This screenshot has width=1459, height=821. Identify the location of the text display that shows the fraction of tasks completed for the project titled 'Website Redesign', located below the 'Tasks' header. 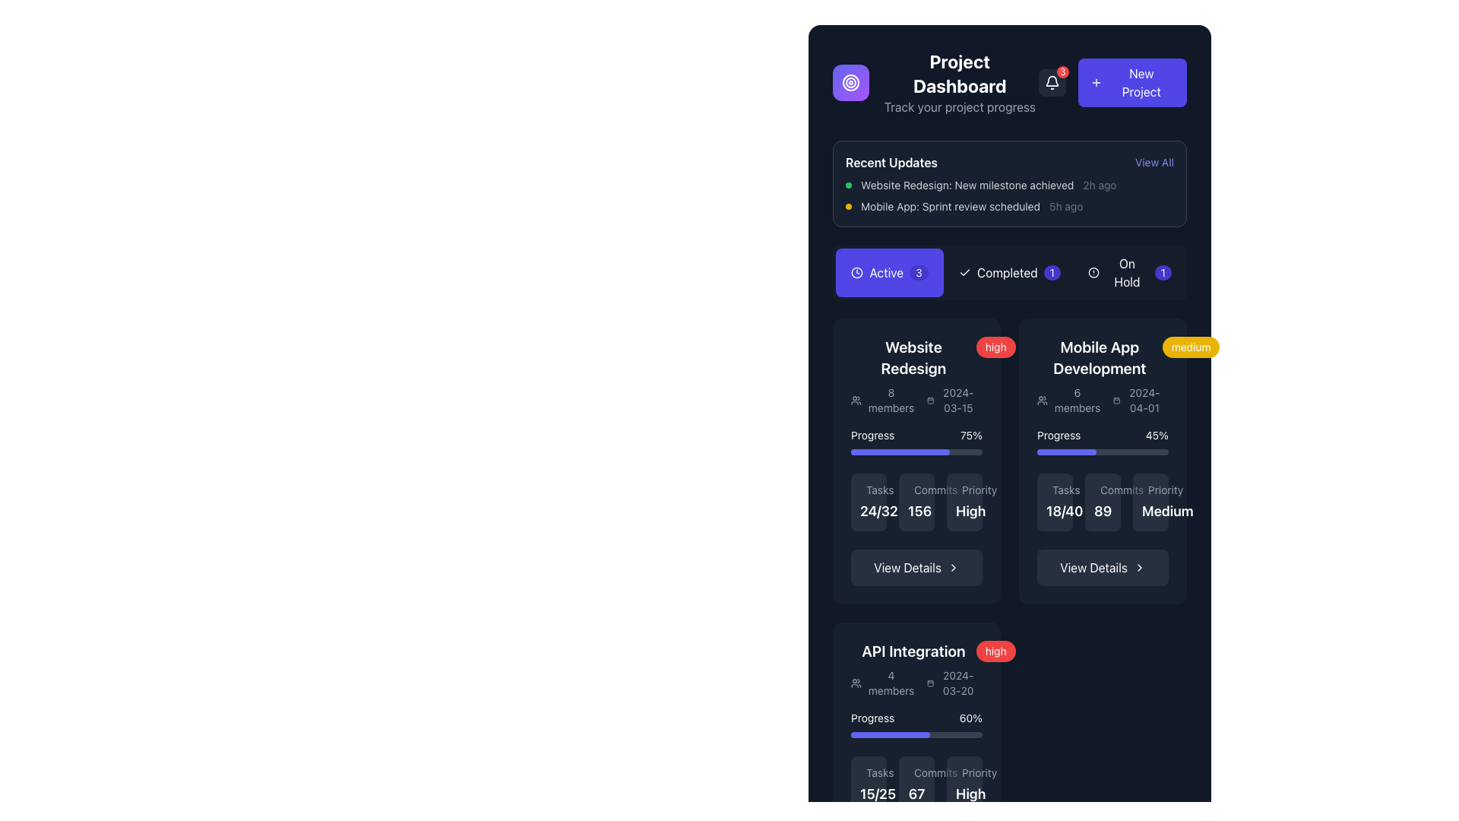
(878, 511).